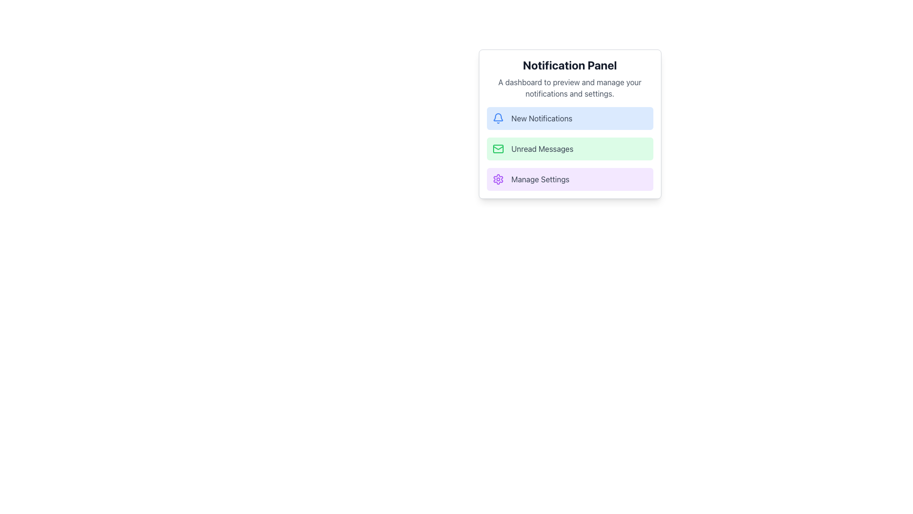 The image size is (913, 514). Describe the element at coordinates (497, 148) in the screenshot. I see `the 'Unread Messages' icon, which is located to the left of the text in the green-highlighted section of the notification panel` at that location.